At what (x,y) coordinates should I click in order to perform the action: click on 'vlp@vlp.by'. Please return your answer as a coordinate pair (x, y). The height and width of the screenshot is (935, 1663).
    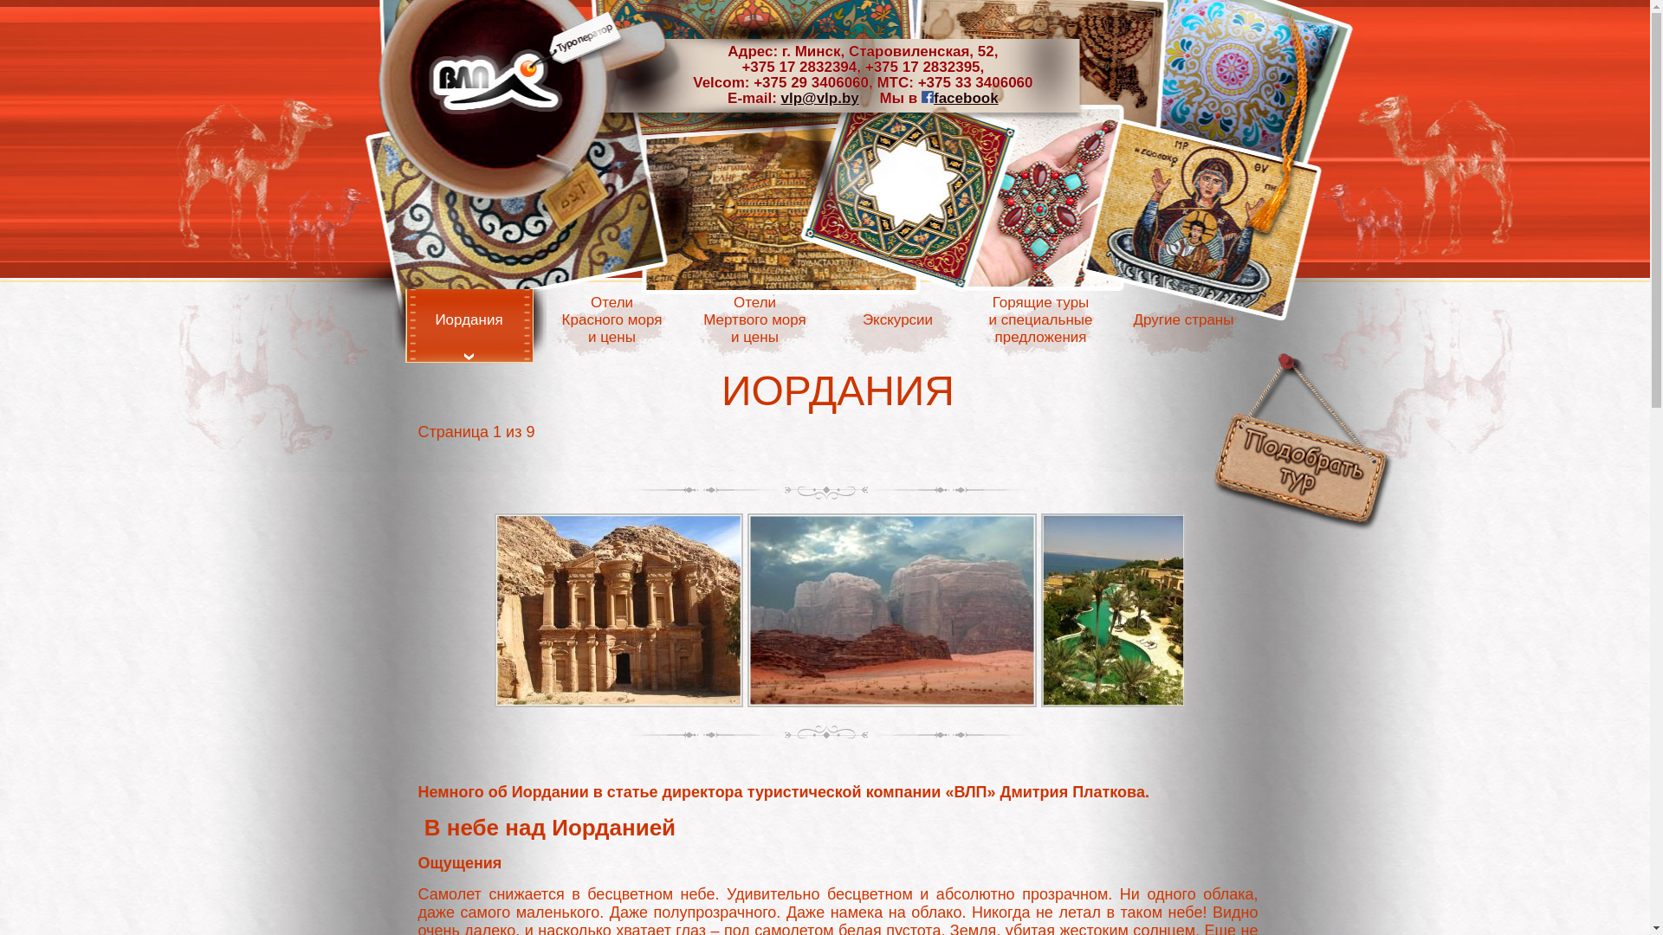
    Looking at the image, I should click on (819, 98).